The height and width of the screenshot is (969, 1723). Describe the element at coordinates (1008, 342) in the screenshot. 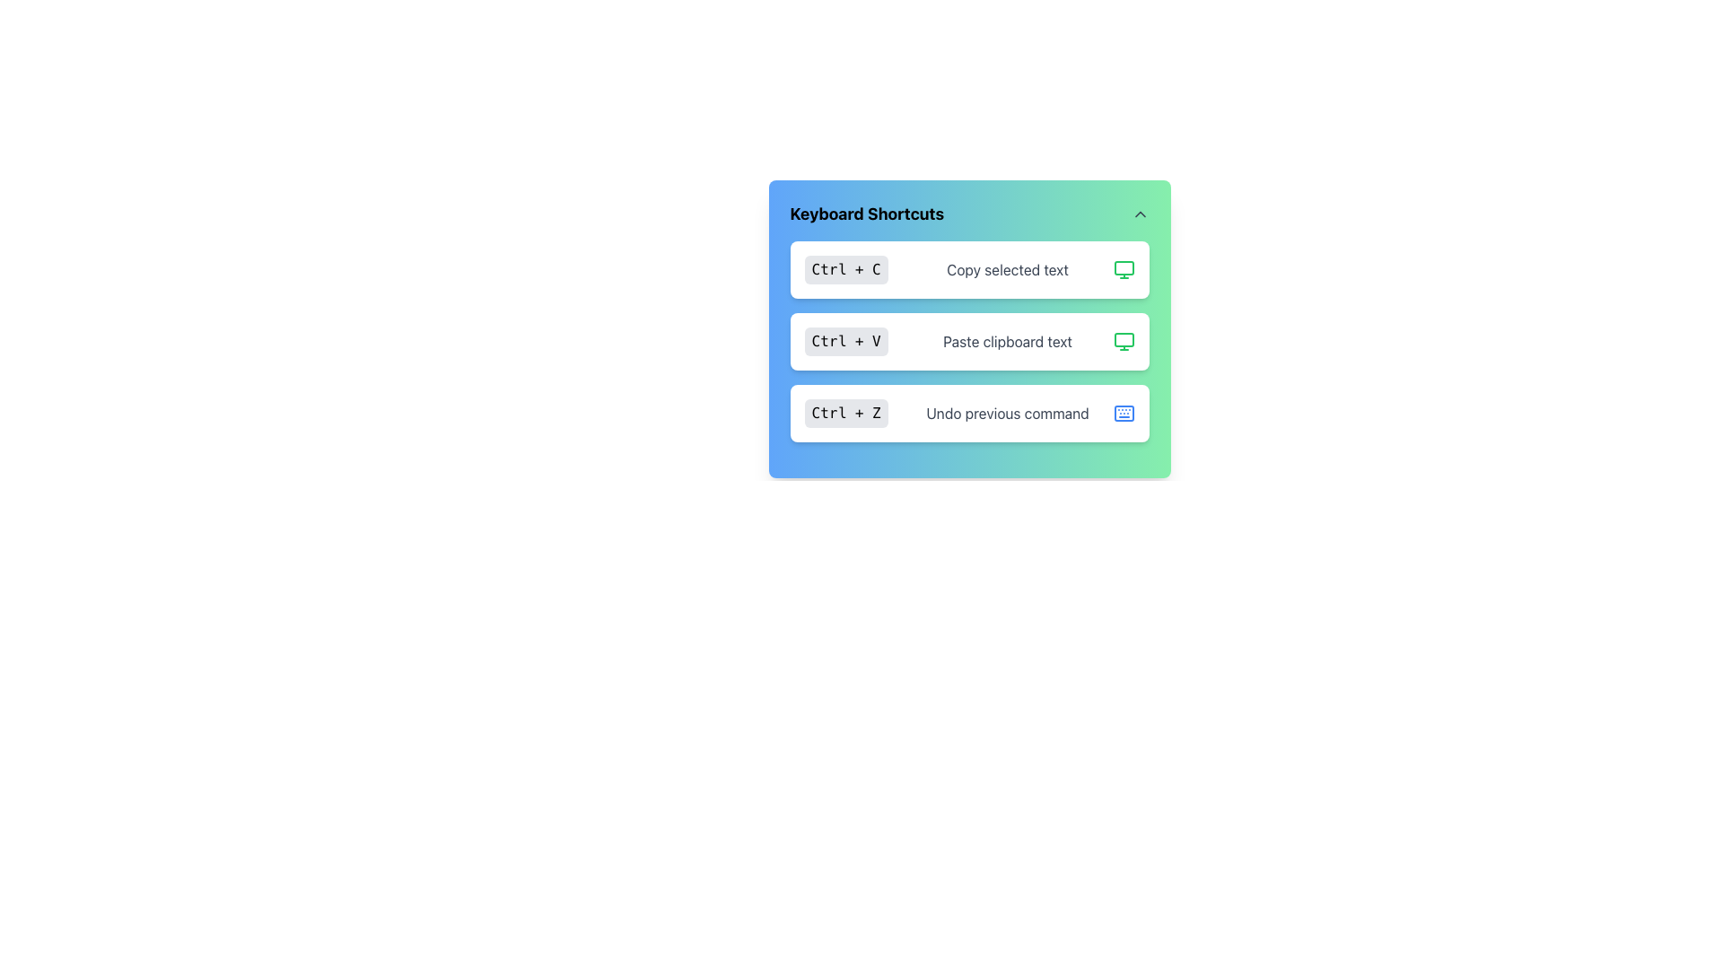

I see `the Static Text Label displaying 'Paste clipboard text', which is styled in gray and located to the right of the 'Ctrl + V' button-like label` at that location.